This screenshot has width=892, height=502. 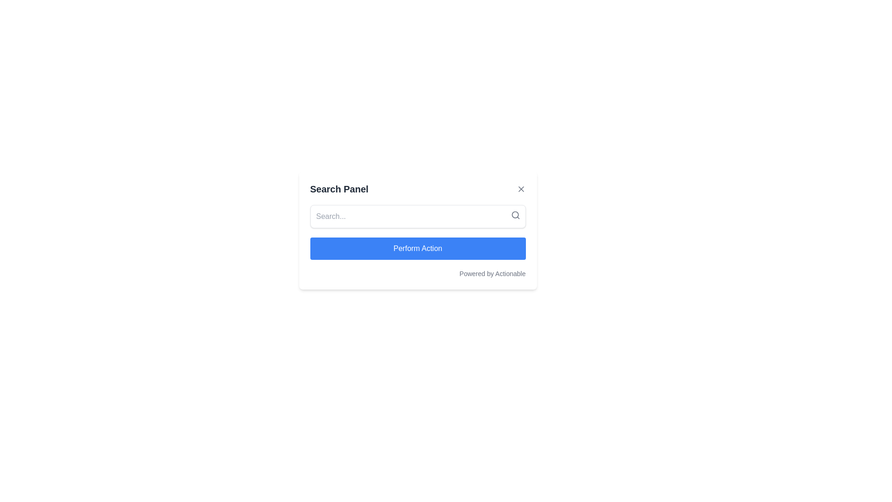 I want to click on the circular search icon styled with a dark gray border and a transparent fill, which features a graphical representation of a magnifying glass, located at the top right corner of the text input field, so click(x=515, y=215).